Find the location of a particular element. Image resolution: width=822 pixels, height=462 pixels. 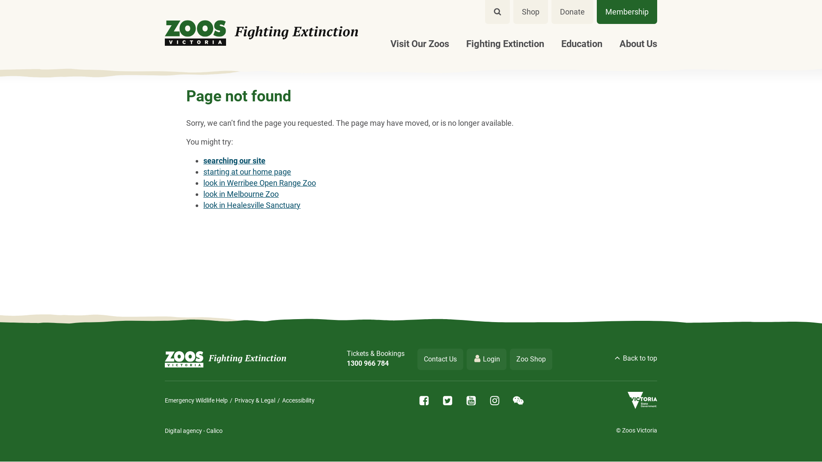

'Fighting Extinction' is located at coordinates (505, 44).